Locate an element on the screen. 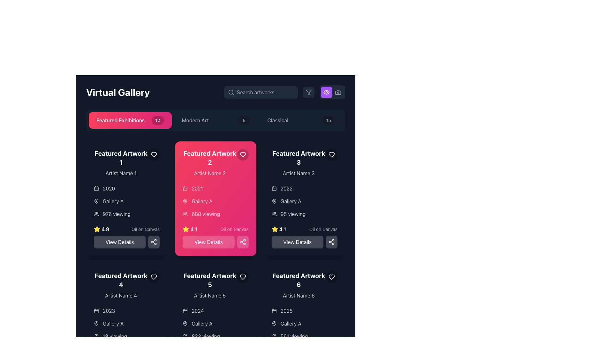  the static text display that shows the number of viewers for the artwork next to the group icon in the lower left of the 'Featured Artwork 1' card is located at coordinates (117, 214).